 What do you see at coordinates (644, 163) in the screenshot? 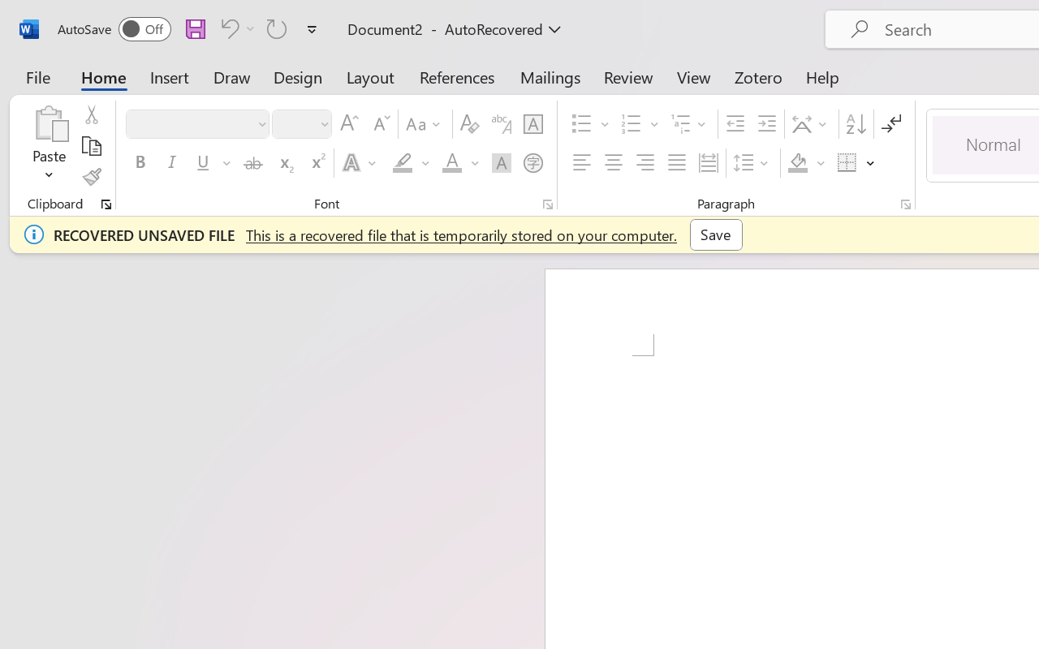
I see `'Align Right'` at bounding box center [644, 163].